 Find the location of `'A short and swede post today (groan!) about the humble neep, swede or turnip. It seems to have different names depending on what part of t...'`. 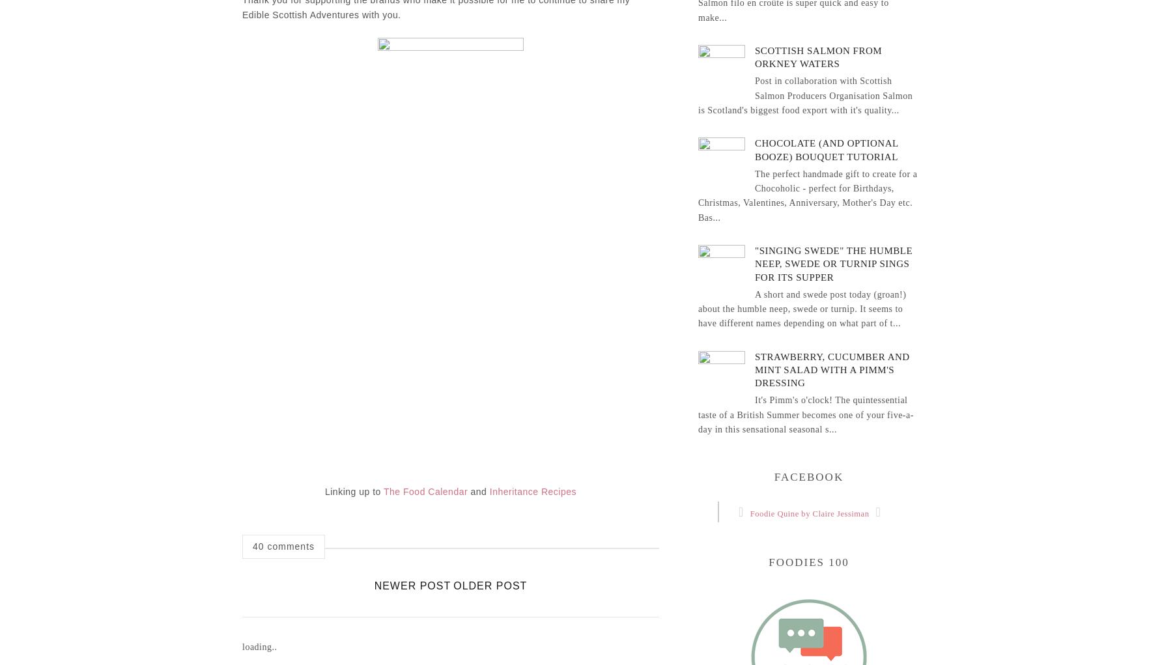

'A short and swede post today (groan!) about the humble neep, swede or turnip. It seems to have different names depending on what part of t...' is located at coordinates (801, 308).